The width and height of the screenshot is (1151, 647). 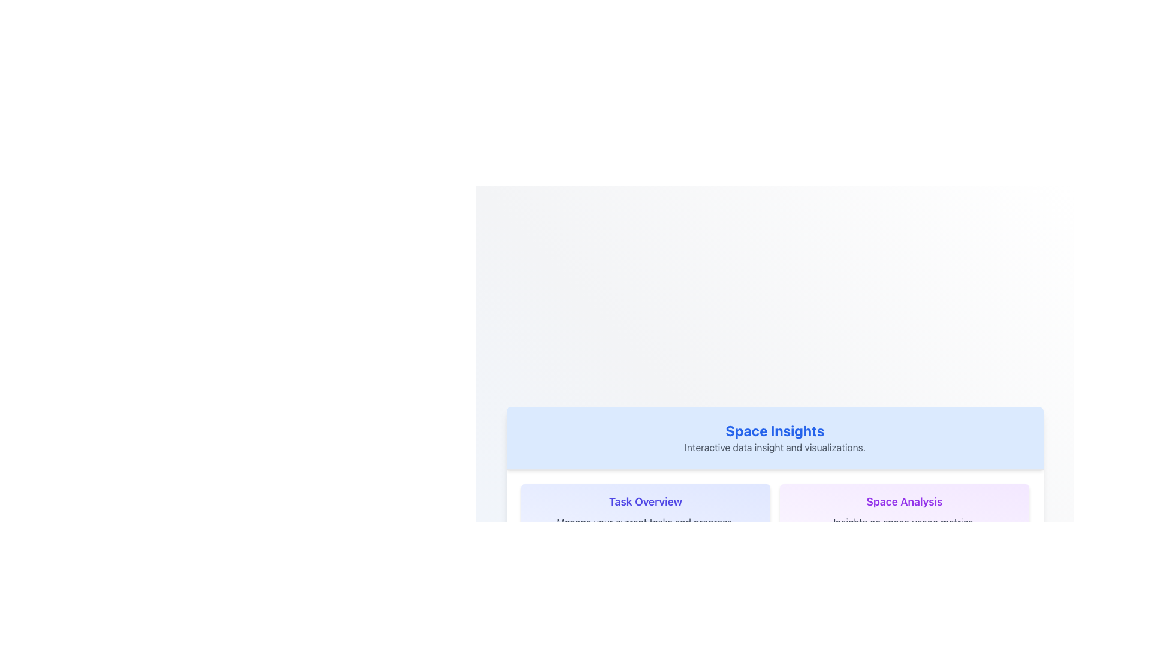 I want to click on the static text element containing 'Interactive data insight and visualizations.' which is styled in gray and located below the title 'Space Insights', so click(x=775, y=446).